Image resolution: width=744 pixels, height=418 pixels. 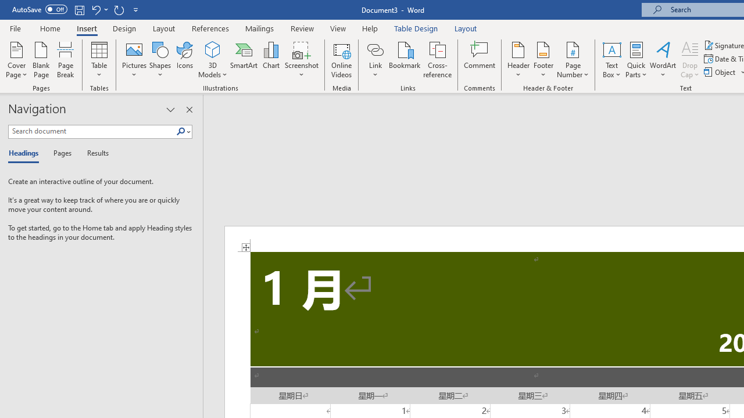 What do you see at coordinates (60, 153) in the screenshot?
I see `'Pages'` at bounding box center [60, 153].